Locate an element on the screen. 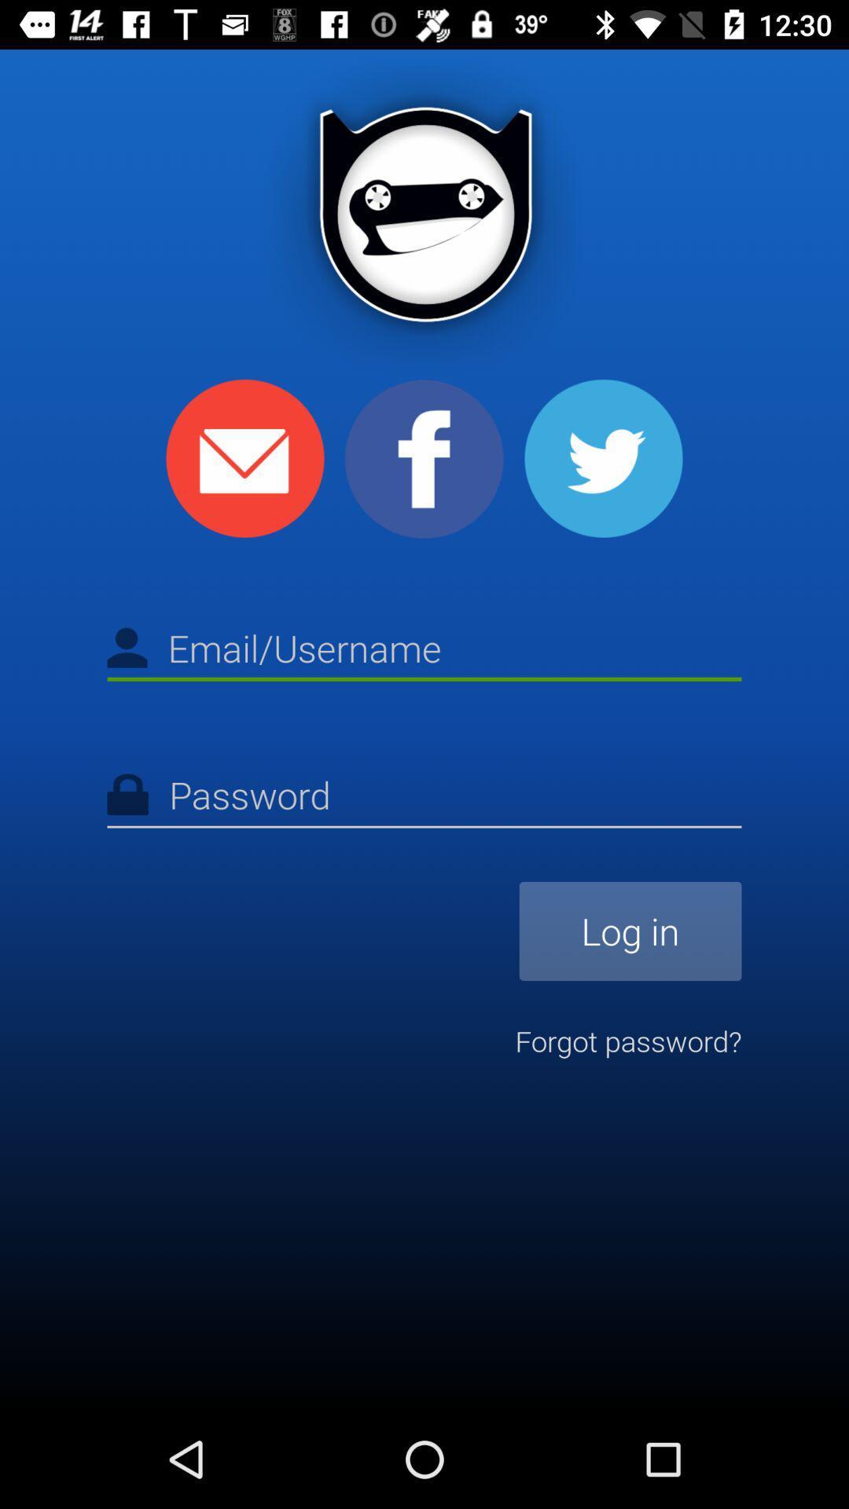  user name is located at coordinates (424, 651).